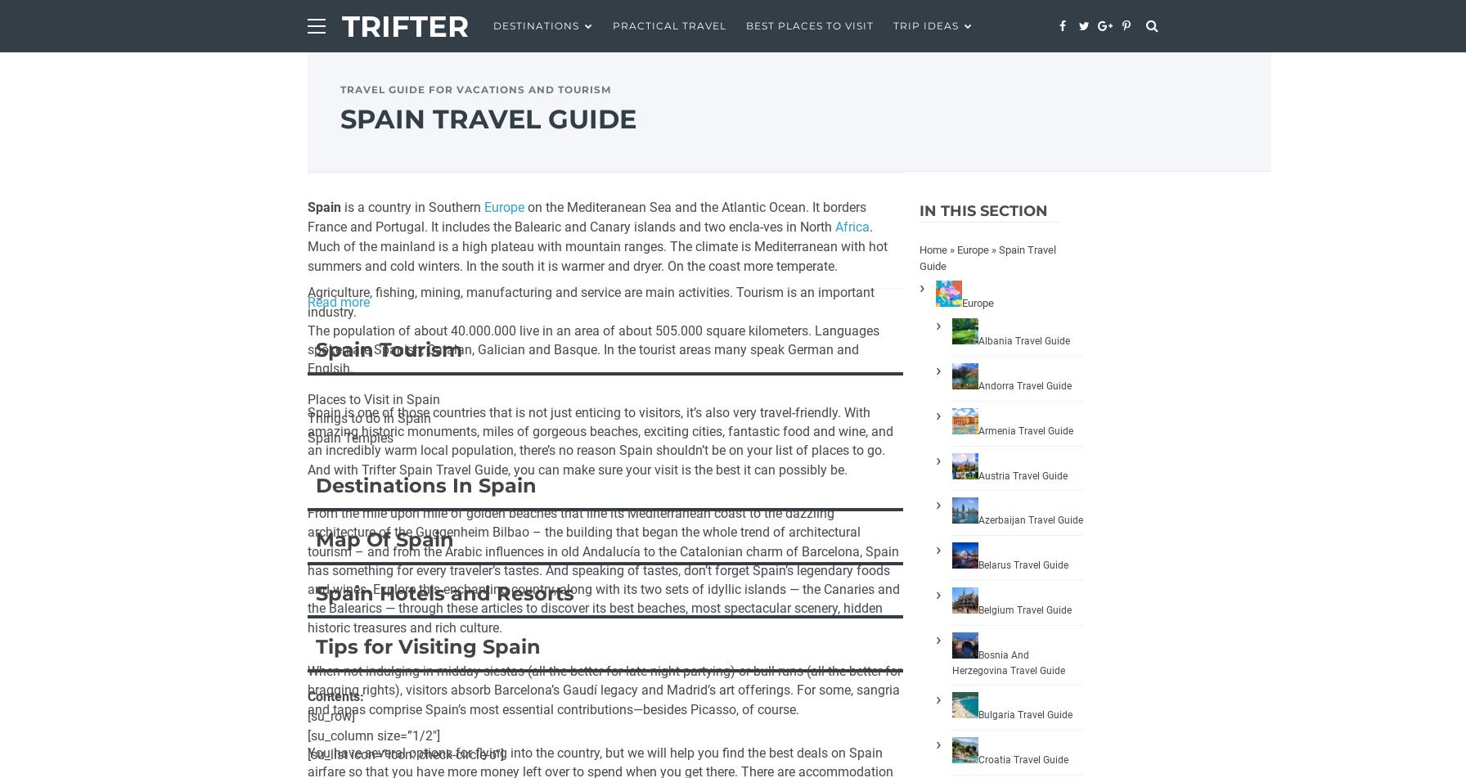  What do you see at coordinates (369, 417) in the screenshot?
I see `'Things to do in Spain'` at bounding box center [369, 417].